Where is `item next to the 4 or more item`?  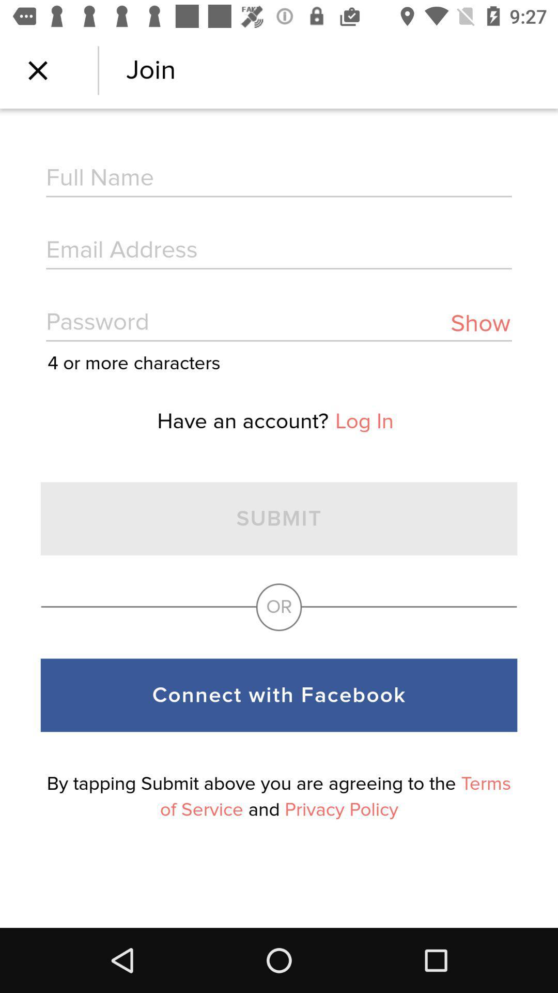 item next to the 4 or more item is located at coordinates (480, 323).